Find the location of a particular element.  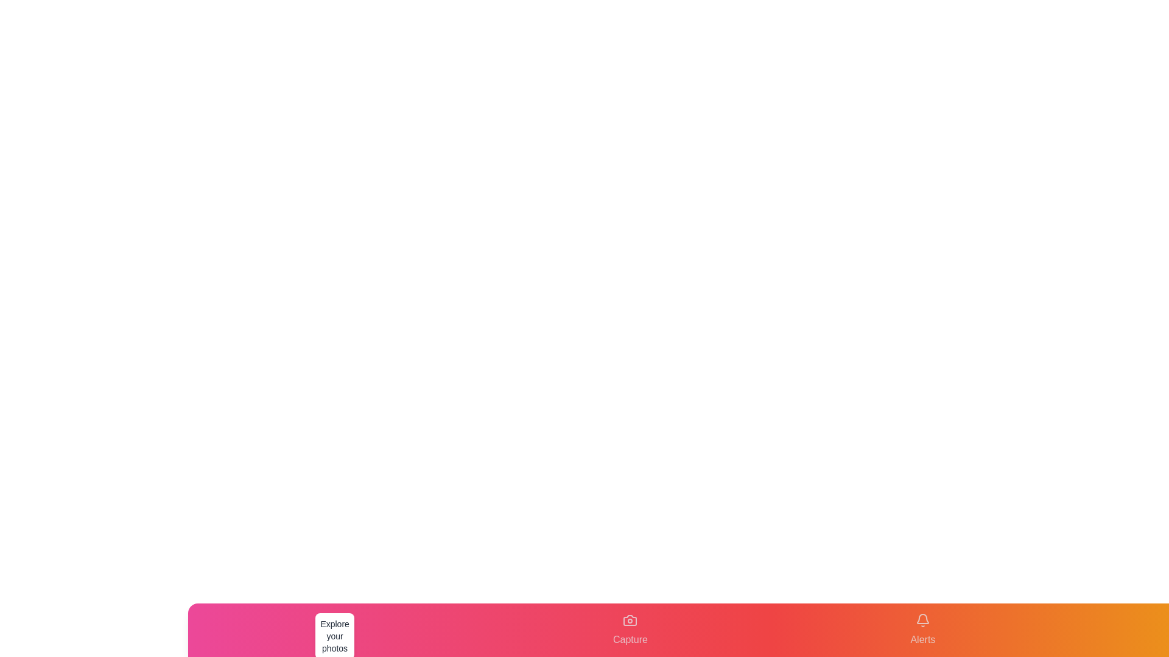

the tab labeled Gallery is located at coordinates (335, 630).